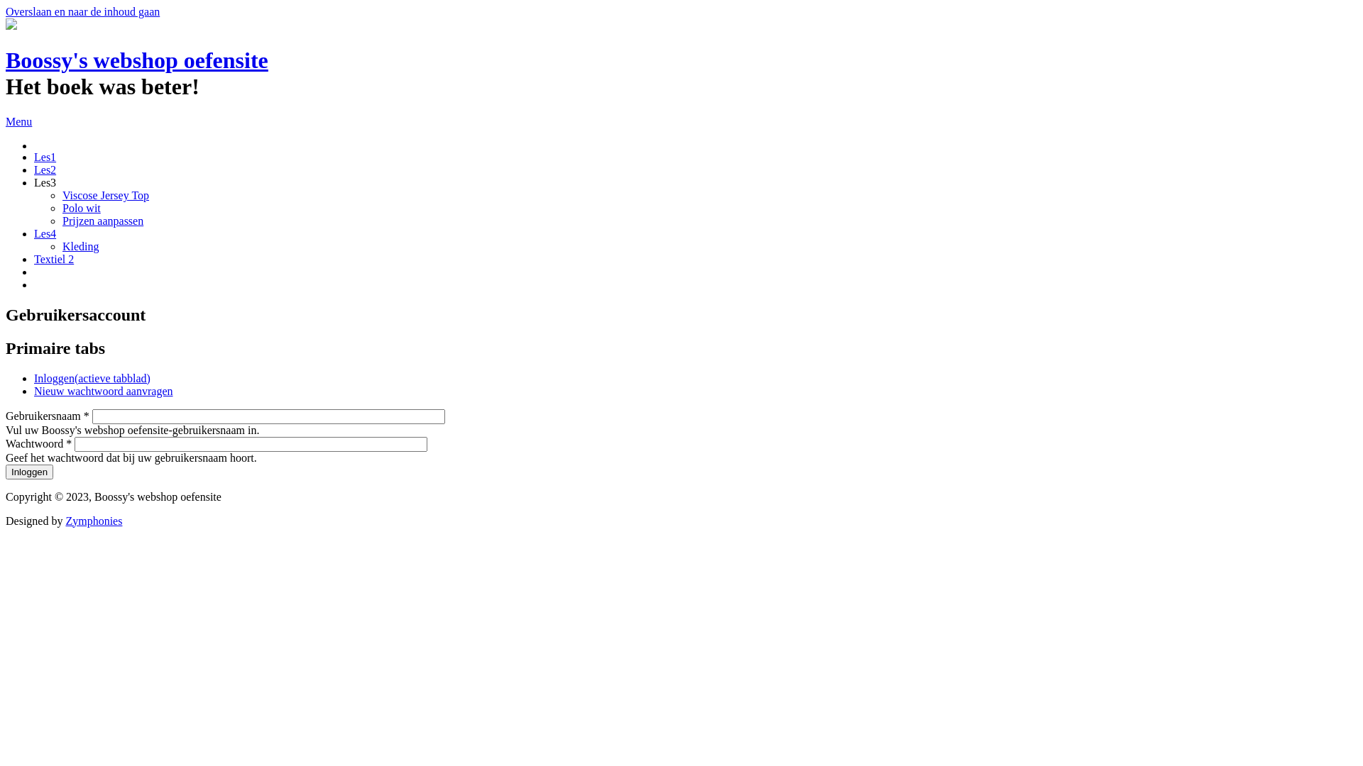 This screenshot has width=1363, height=766. Describe the element at coordinates (80, 245) in the screenshot. I see `'Kleding'` at that location.